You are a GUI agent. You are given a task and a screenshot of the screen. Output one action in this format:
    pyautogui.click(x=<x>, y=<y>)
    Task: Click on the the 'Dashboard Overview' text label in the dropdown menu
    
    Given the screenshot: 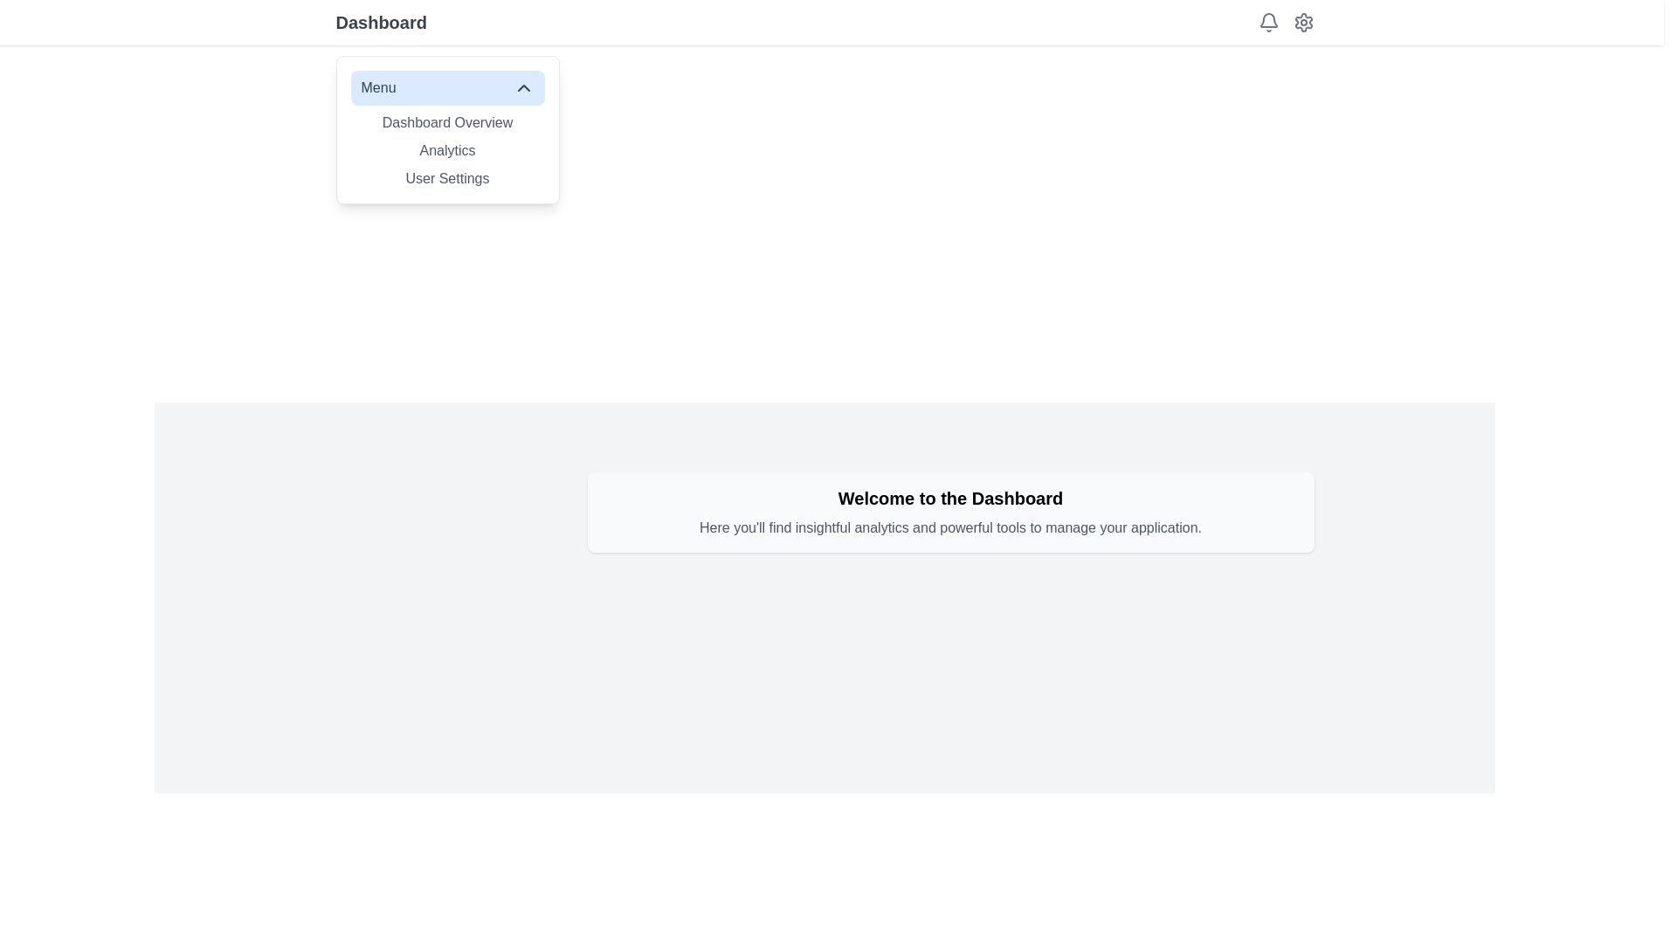 What is the action you would take?
    pyautogui.click(x=447, y=122)
    